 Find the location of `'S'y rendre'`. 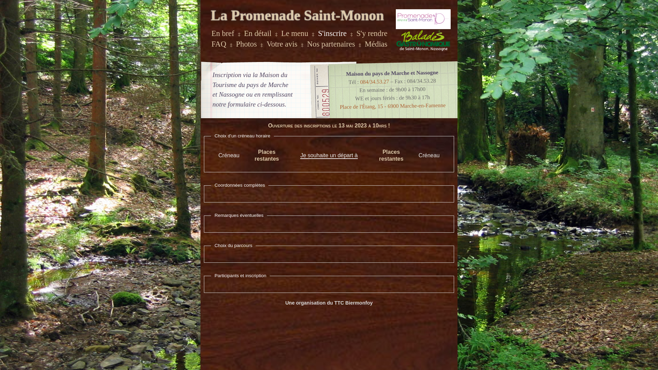

'S'y rendre' is located at coordinates (371, 33).